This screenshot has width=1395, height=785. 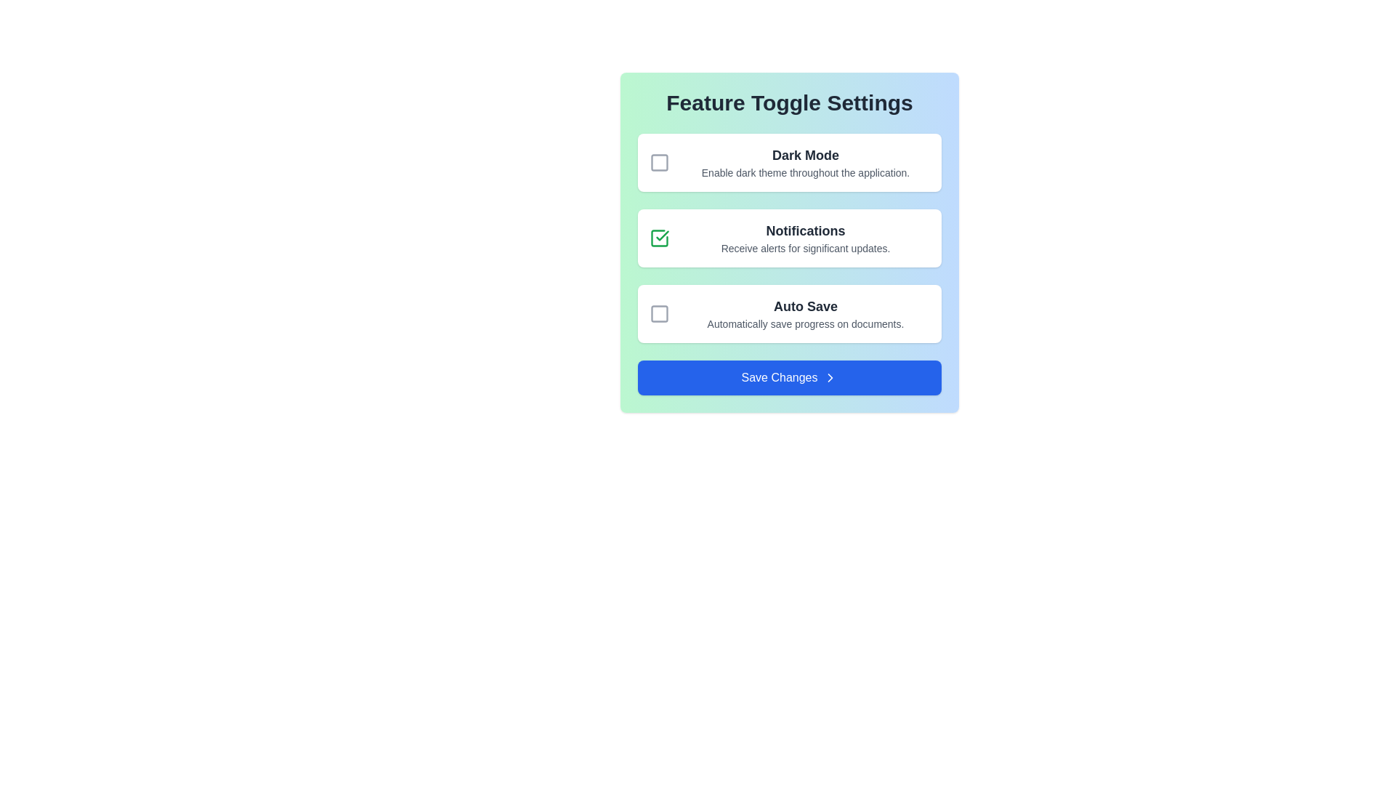 What do you see at coordinates (788, 377) in the screenshot?
I see `the 'Save Changes' button, which is a rectangular button with a vibrant blue background and white text, located at the bottom of the settings panel` at bounding box center [788, 377].